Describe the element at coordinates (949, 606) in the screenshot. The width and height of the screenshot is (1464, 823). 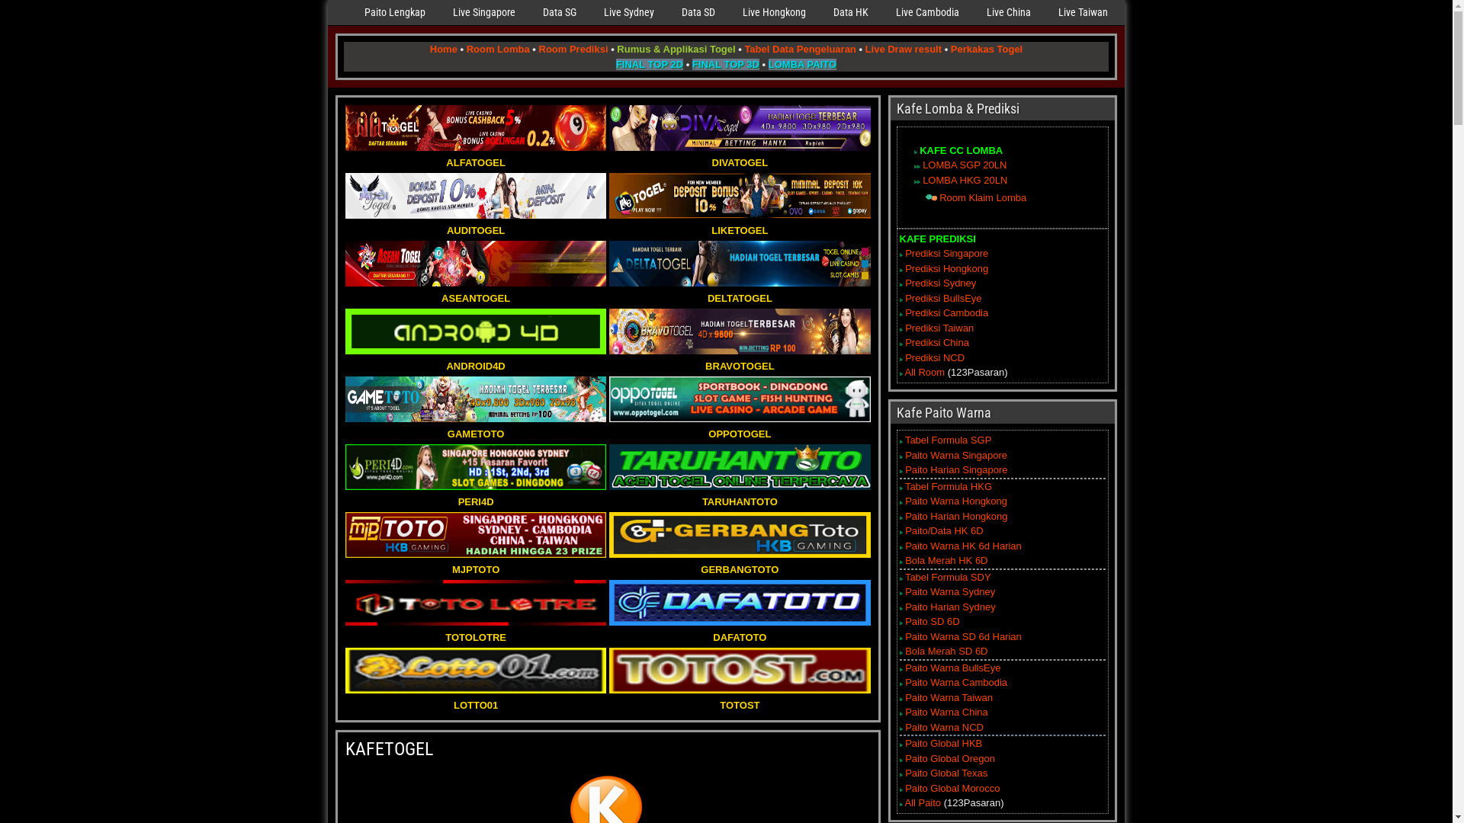
I see `'Paito Harian Sydney'` at that location.